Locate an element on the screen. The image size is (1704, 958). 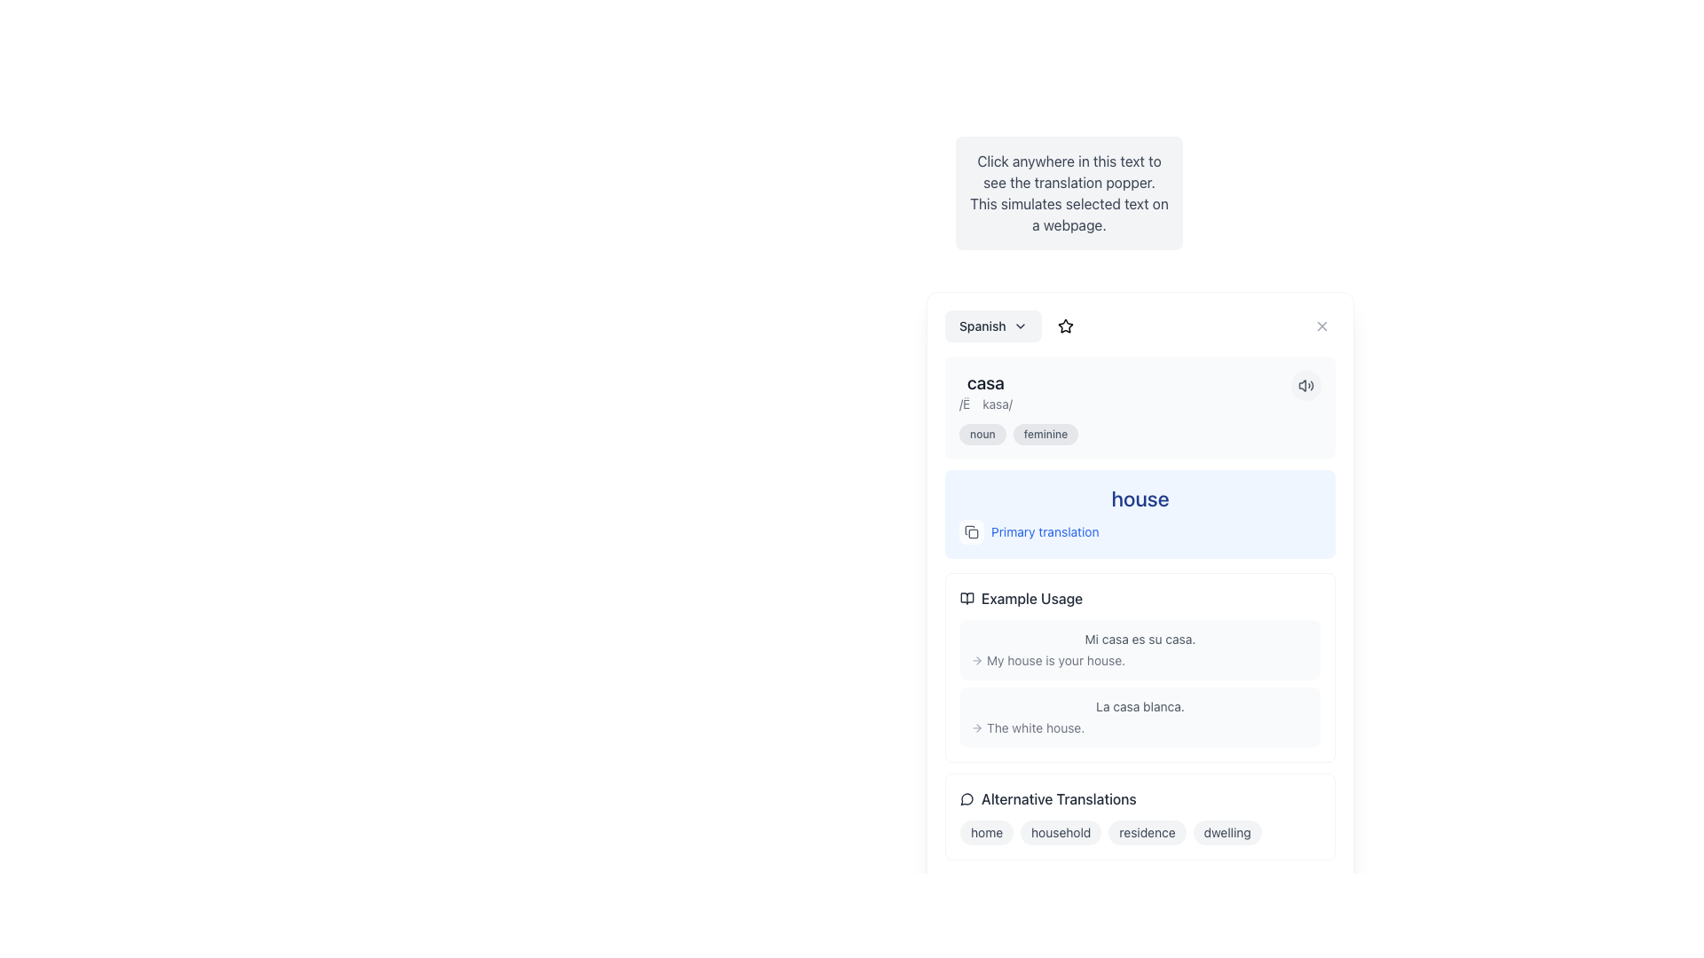
the text element that provides an example usage of the word 'house' in context, located towards the center horizontally and at the bottom of the example usage section is located at coordinates (1036, 728).